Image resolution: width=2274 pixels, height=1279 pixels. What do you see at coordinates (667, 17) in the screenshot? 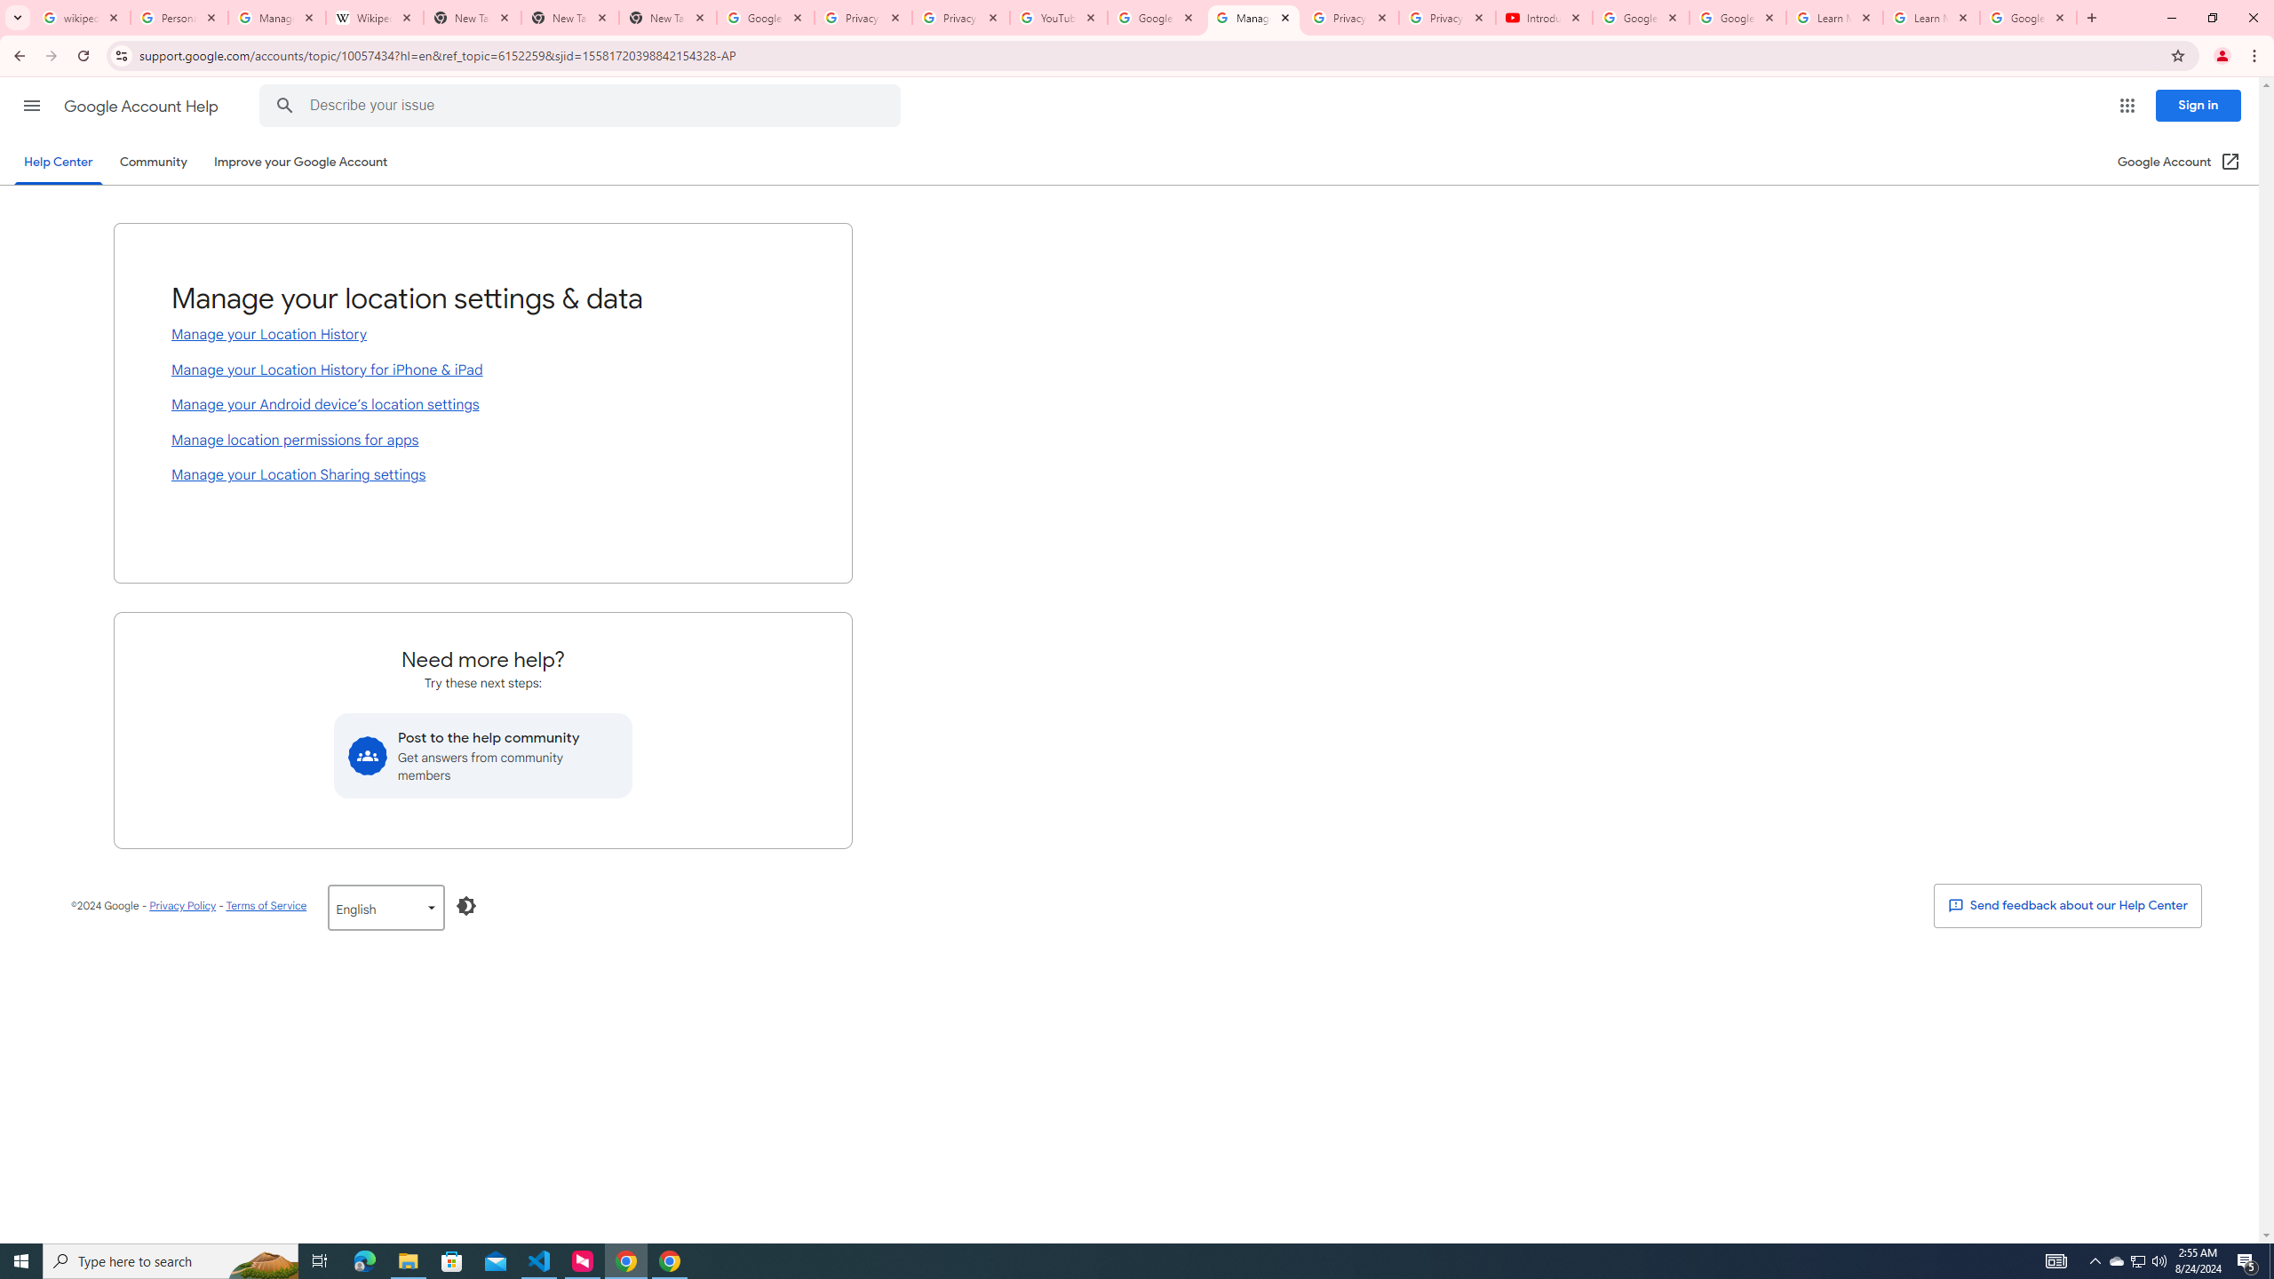
I see `'New Tab'` at bounding box center [667, 17].